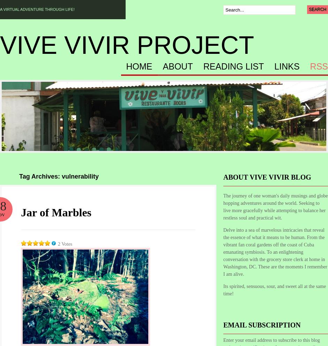  Describe the element at coordinates (261, 325) in the screenshot. I see `'Email Subscription'` at that location.